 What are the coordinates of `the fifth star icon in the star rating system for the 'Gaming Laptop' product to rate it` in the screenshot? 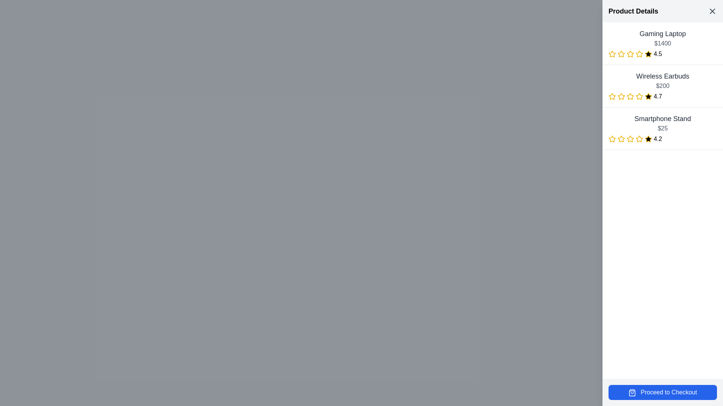 It's located at (648, 53).